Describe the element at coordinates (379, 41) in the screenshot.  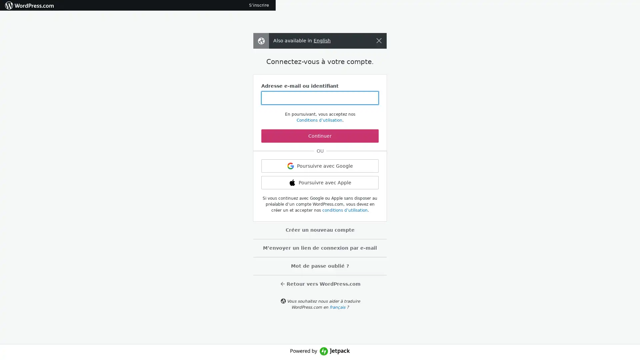
I see `Fermer` at that location.